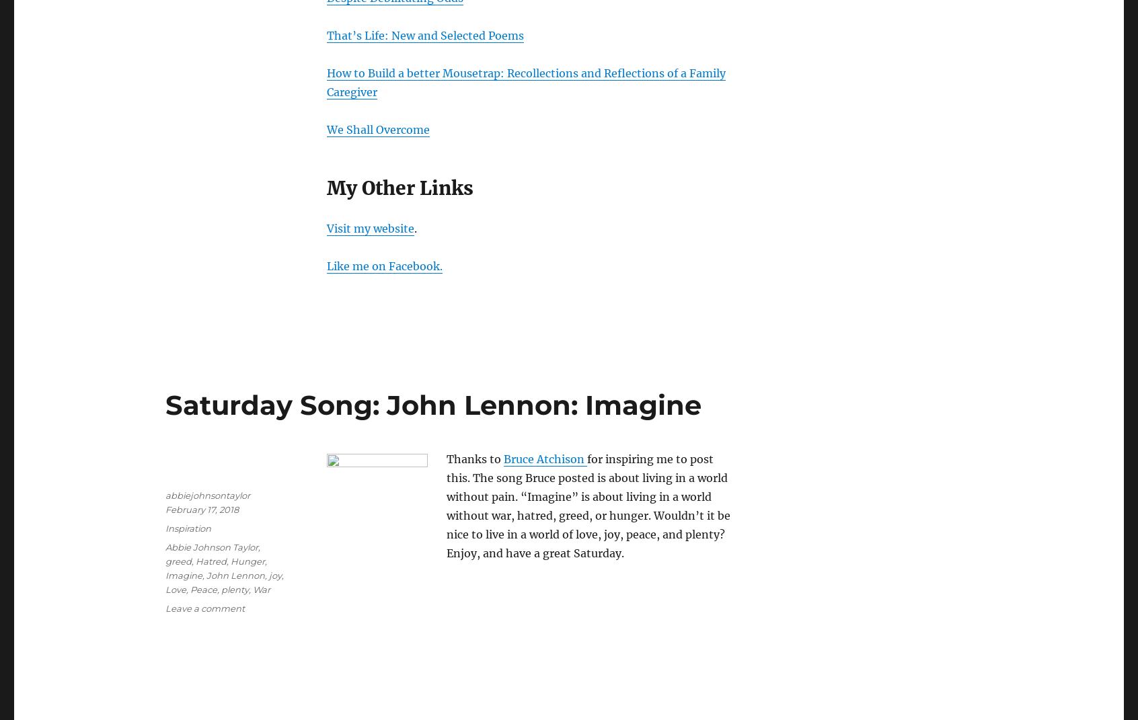 This screenshot has height=720, width=1138. Describe the element at coordinates (446, 505) in the screenshot. I see `'for inspiring me to post this. The song Bruce posted is about living in a world without pain. “Imagine” is about living in a world without war, hatred, greed, or hunger. Wouldn’t it be nice to live in a world of love, joy, peace, and plenty? Enjoy, and have a great Saturday.'` at that location.